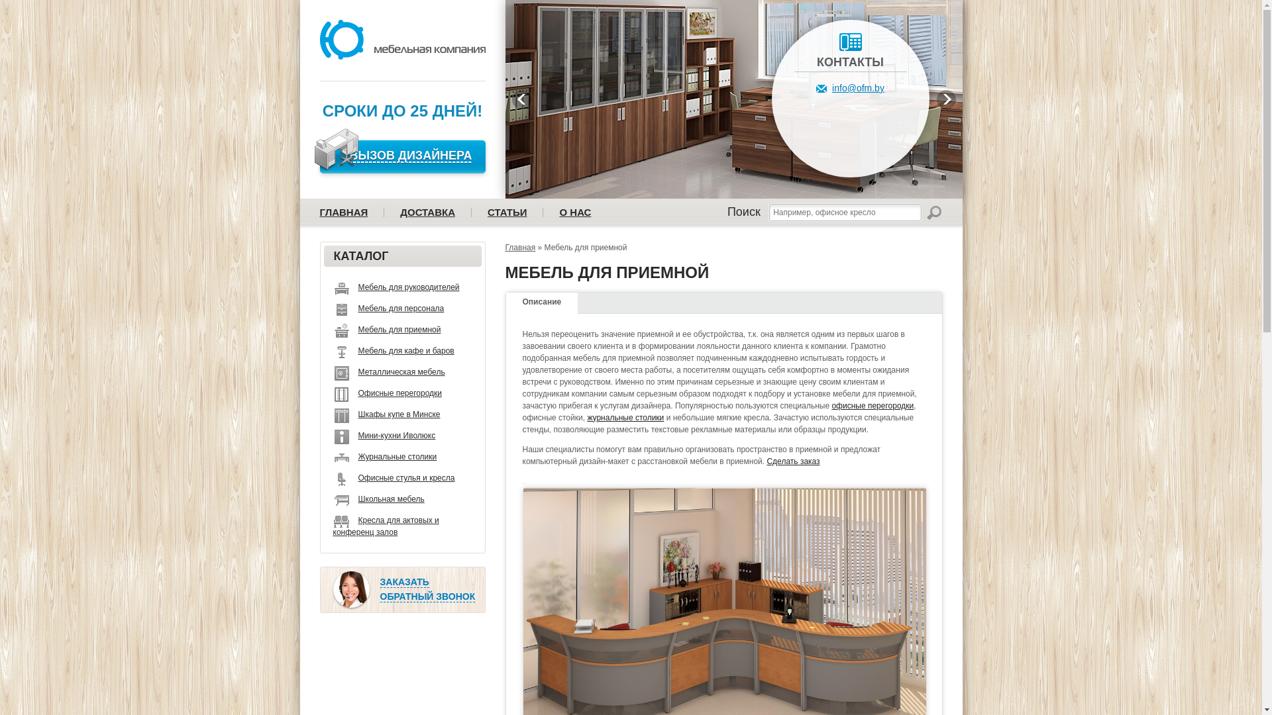 This screenshot has width=1272, height=715. I want to click on 'info@ofm.by', so click(850, 87).